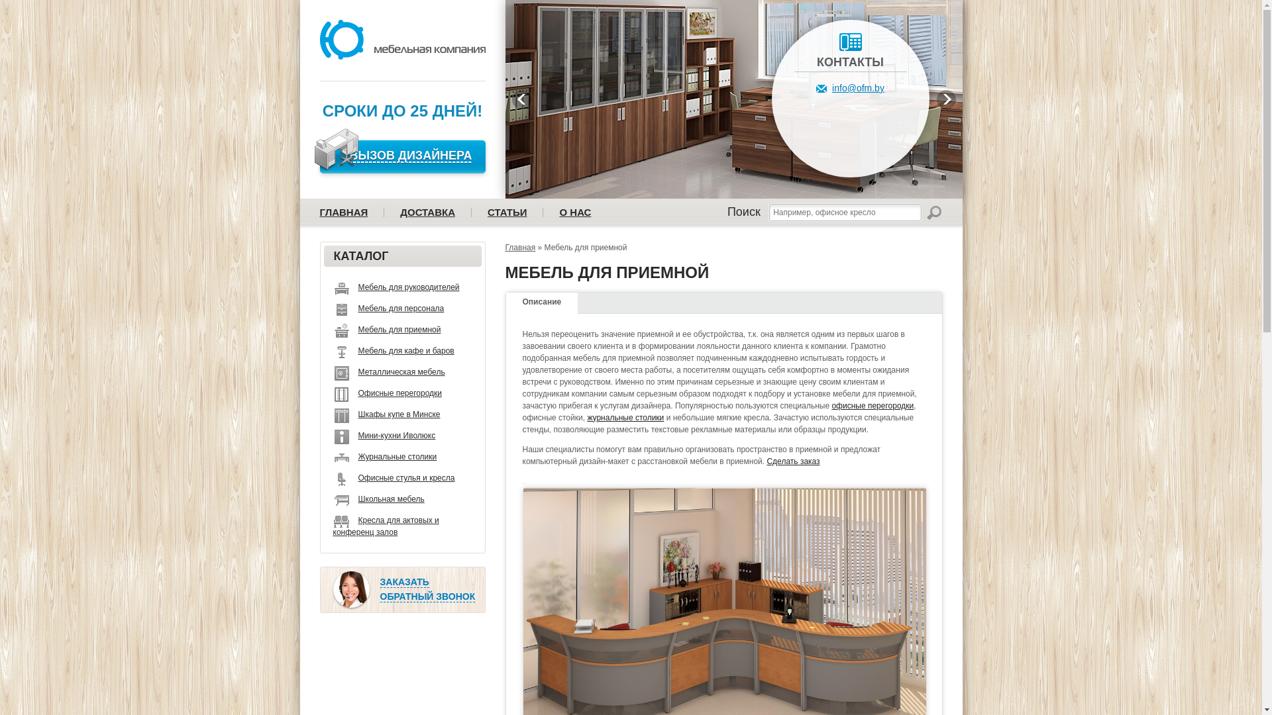 This screenshot has width=1272, height=715. I want to click on 'info@ofm.by', so click(850, 87).